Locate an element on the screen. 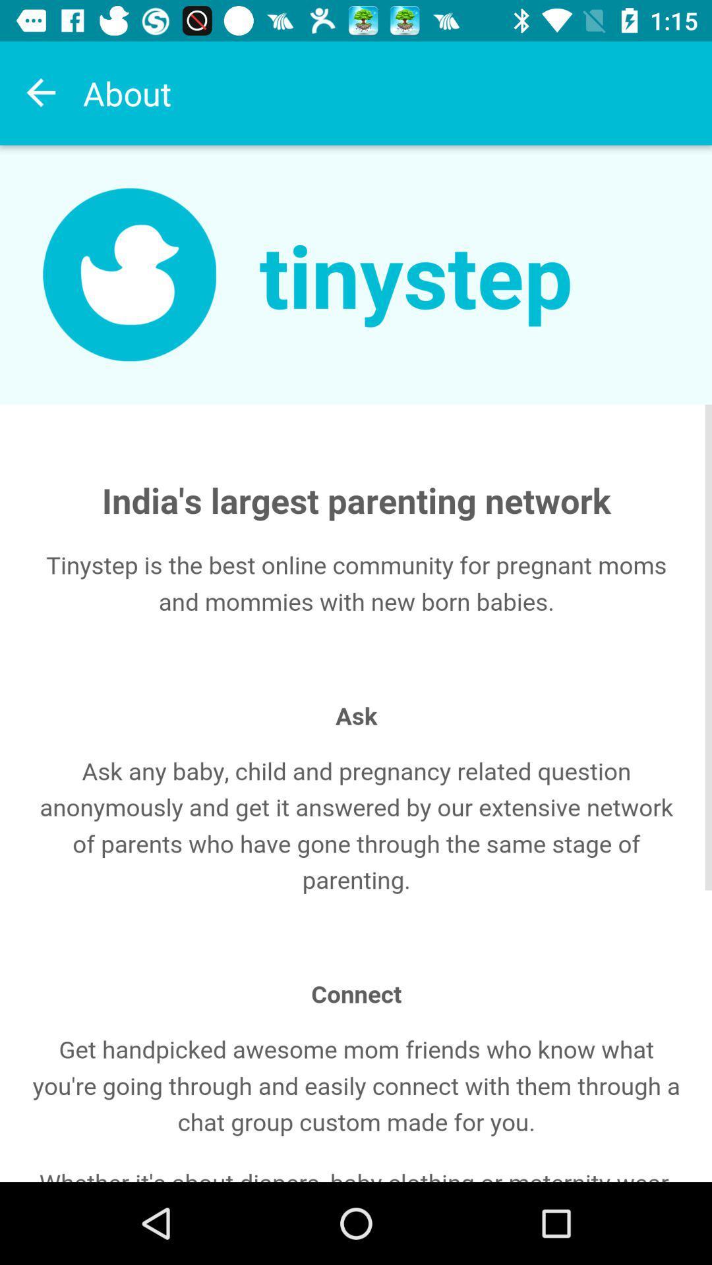 This screenshot has width=712, height=1265. previous is located at coordinates (40, 92).